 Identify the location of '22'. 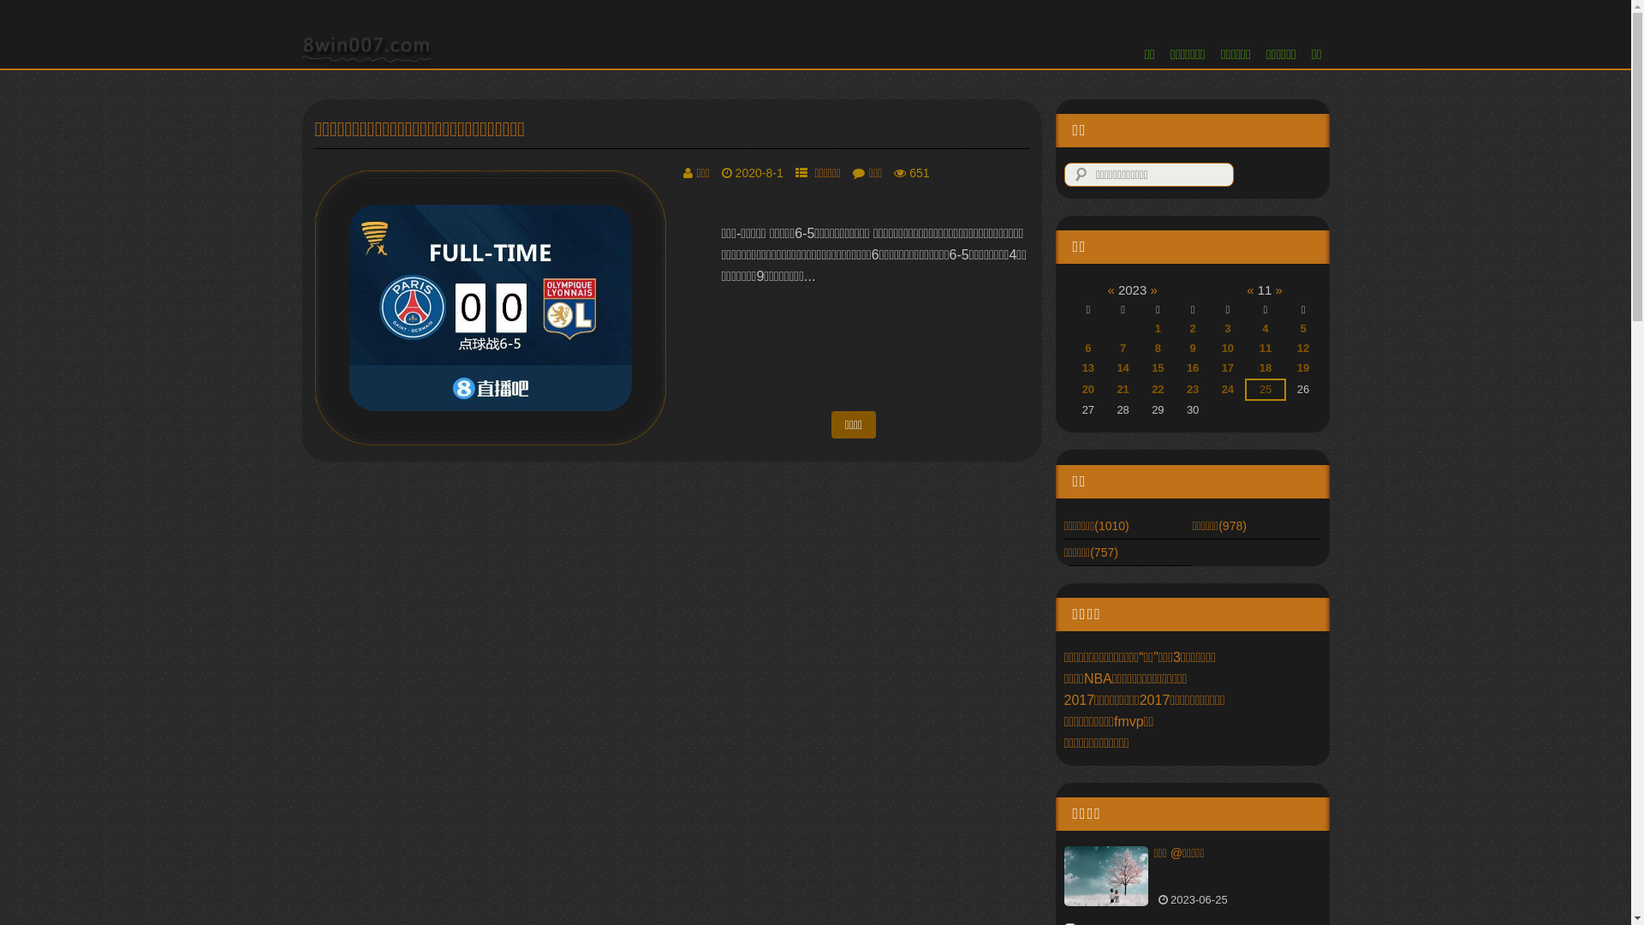
(1151, 389).